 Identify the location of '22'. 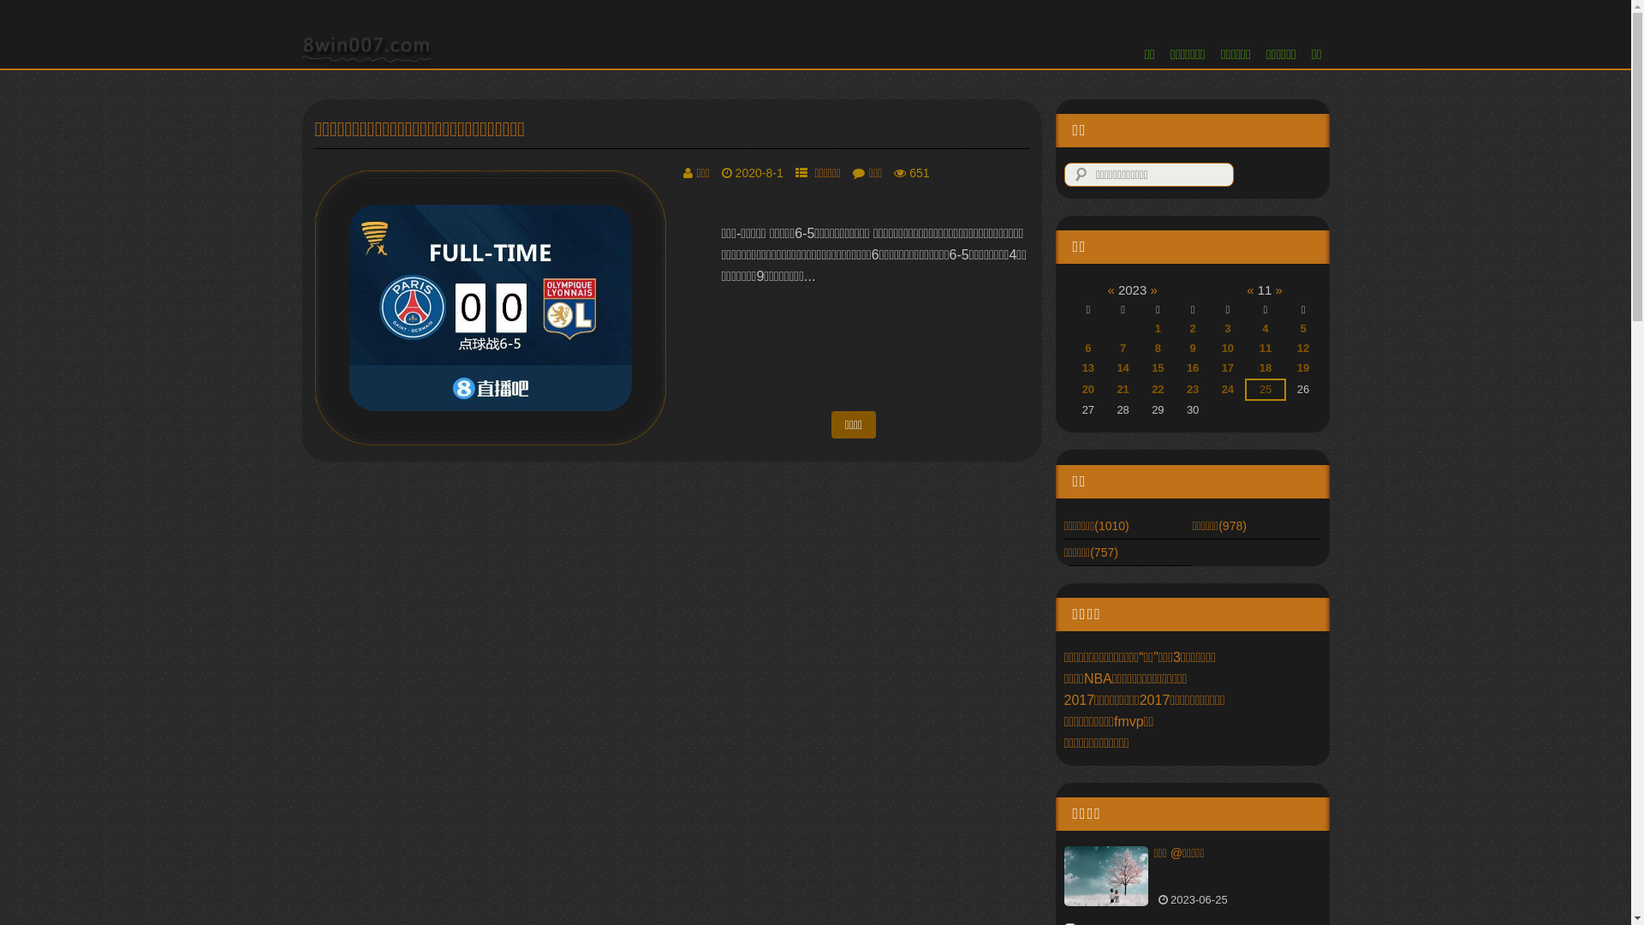
(1151, 389).